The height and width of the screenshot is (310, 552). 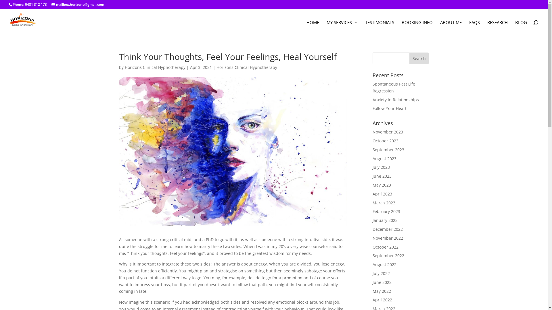 I want to click on 'Anxiety in Relationships', so click(x=395, y=99).